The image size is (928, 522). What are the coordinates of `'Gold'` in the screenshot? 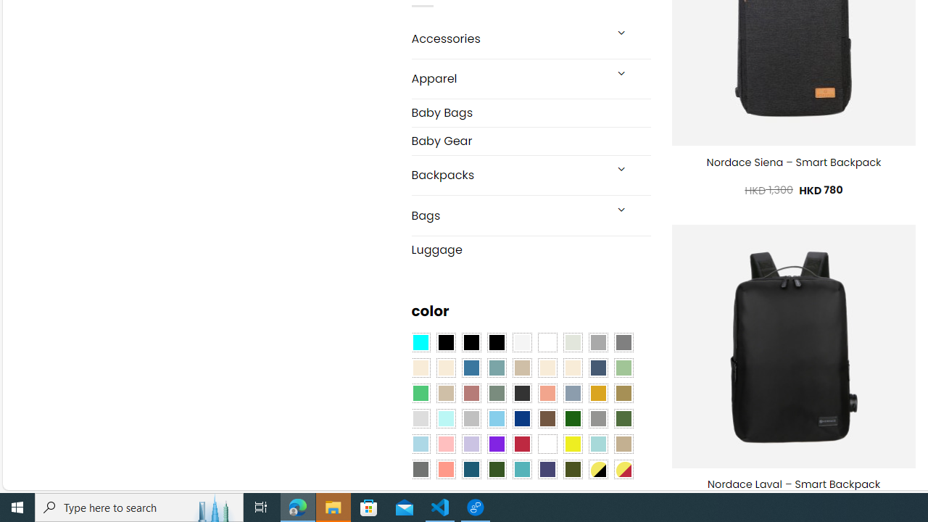 It's located at (597, 393).